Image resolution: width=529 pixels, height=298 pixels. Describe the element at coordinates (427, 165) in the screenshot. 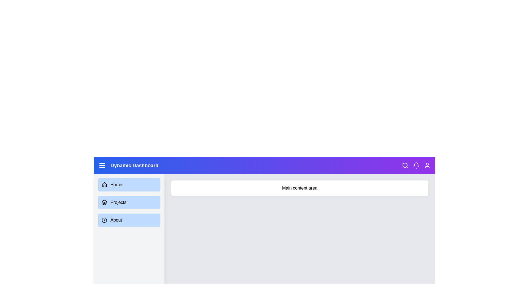

I see `the user icon to access user-related actions` at that location.